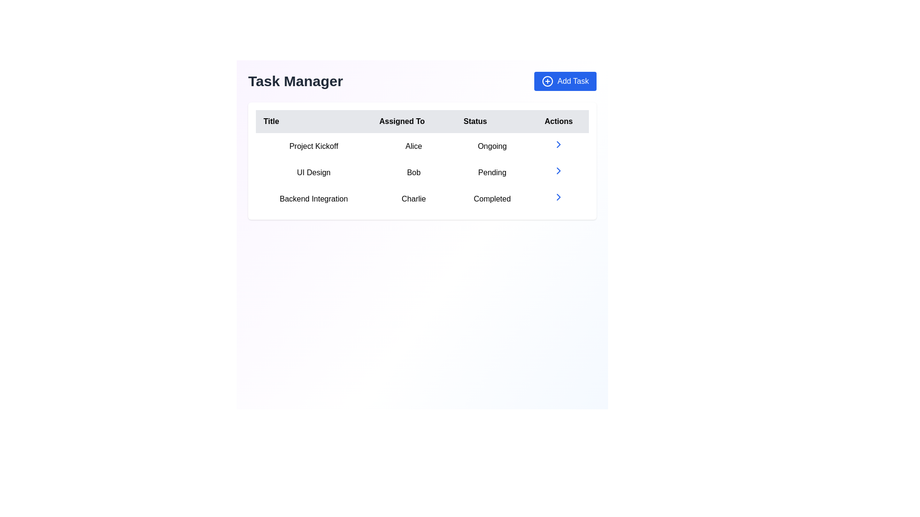  Describe the element at coordinates (313, 172) in the screenshot. I see `the 'UI Design' label in the second row of the table under the 'Title' column` at that location.